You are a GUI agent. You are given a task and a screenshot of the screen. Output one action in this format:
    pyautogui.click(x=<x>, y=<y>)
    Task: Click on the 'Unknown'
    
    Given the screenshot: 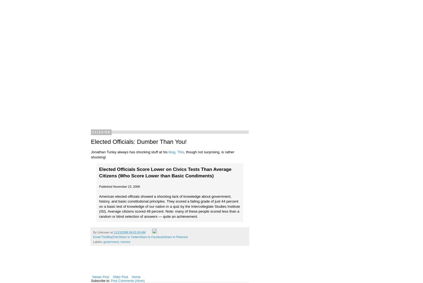 What is the action you would take?
    pyautogui.click(x=97, y=232)
    